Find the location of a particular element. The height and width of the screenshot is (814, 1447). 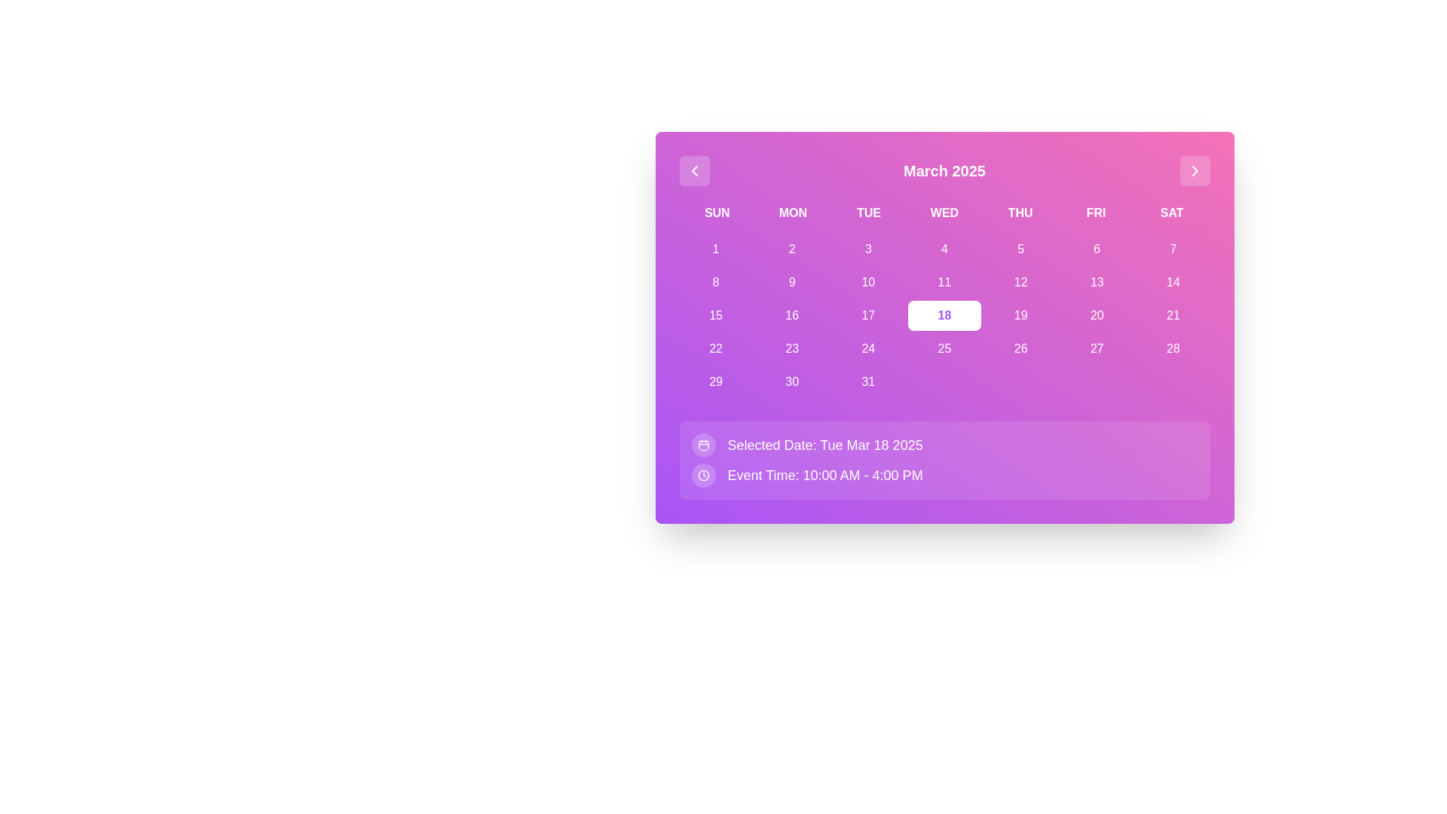

the Text label indicating Wednesday, which is the fourth element in the horizontal row of days in the calendar header is located at coordinates (944, 213).